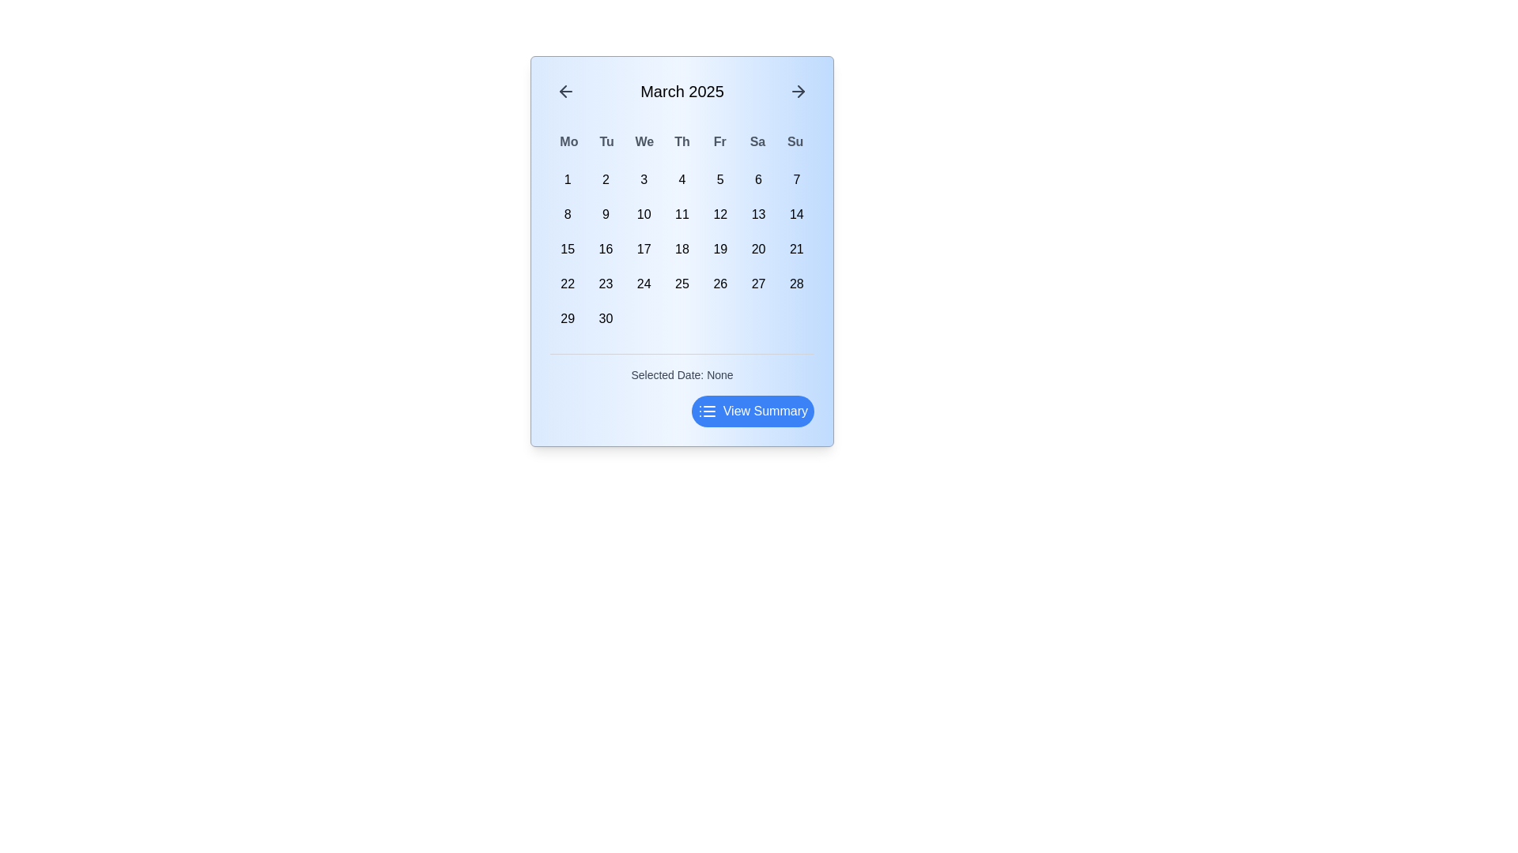  What do you see at coordinates (568, 319) in the screenshot?
I see `the button displaying the number '29' in the calendar view` at bounding box center [568, 319].